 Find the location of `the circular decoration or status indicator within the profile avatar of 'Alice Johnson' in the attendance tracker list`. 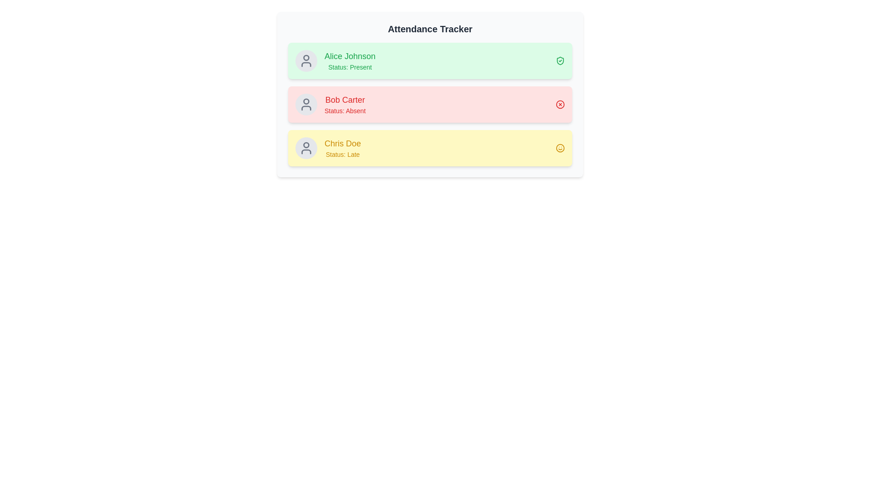

the circular decoration or status indicator within the profile avatar of 'Alice Johnson' in the attendance tracker list is located at coordinates (306, 58).